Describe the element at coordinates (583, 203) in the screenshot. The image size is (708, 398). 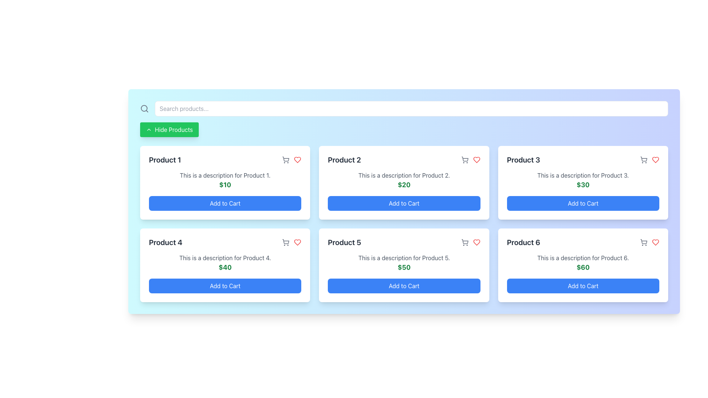
I see `the button located at the bottom of the card for 'Product 3'` at that location.